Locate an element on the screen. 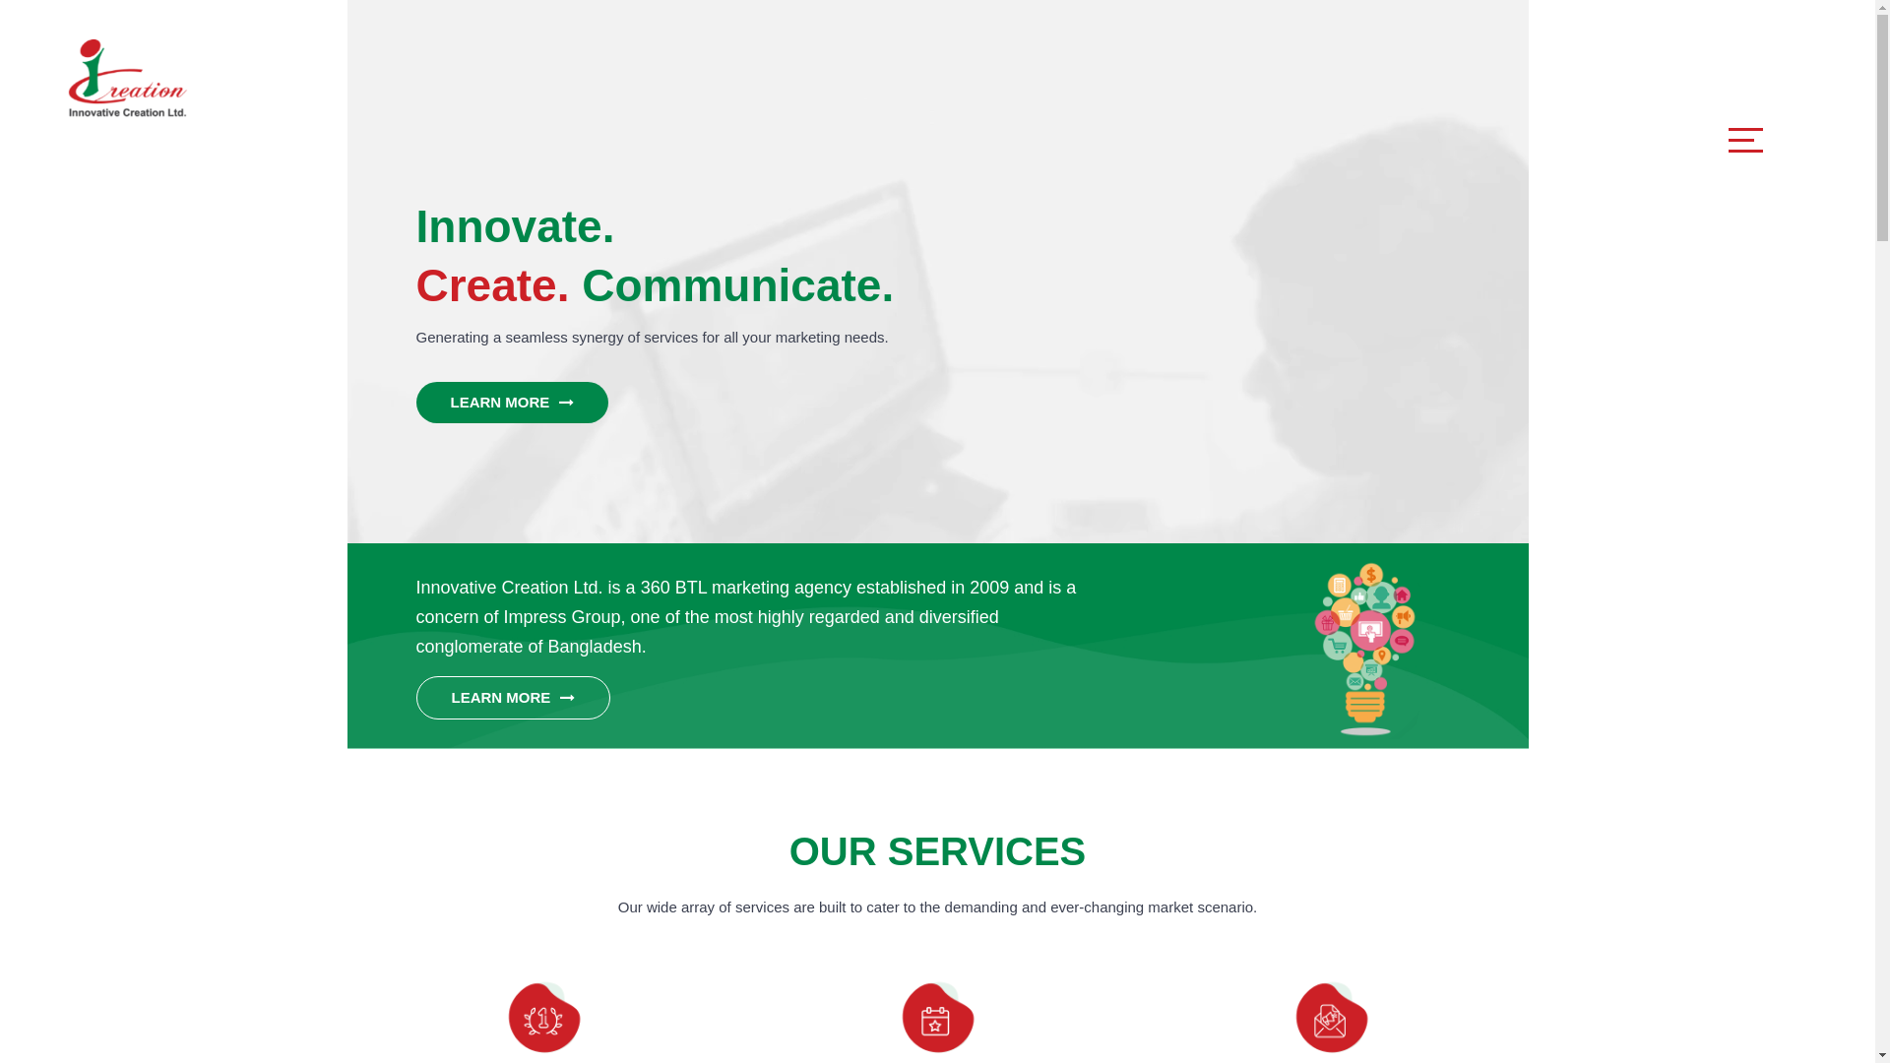  'LEARN MORE' is located at coordinates (414, 401).